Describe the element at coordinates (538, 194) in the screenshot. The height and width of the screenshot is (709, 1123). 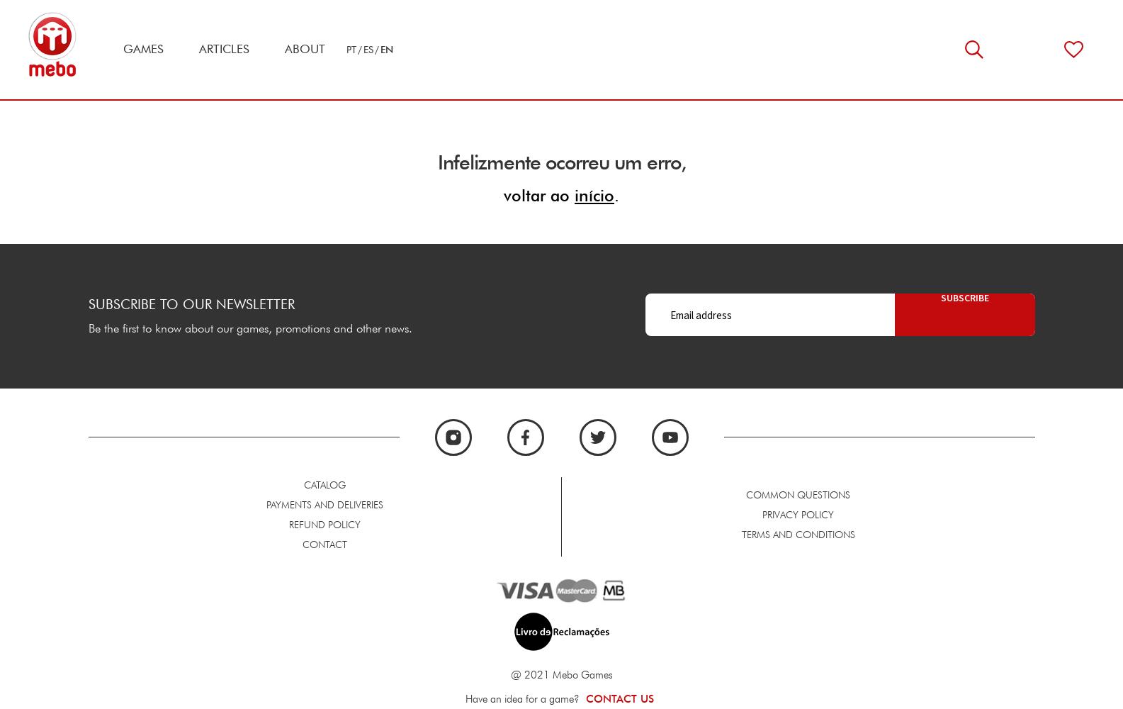
I see `'voltar ao'` at that location.